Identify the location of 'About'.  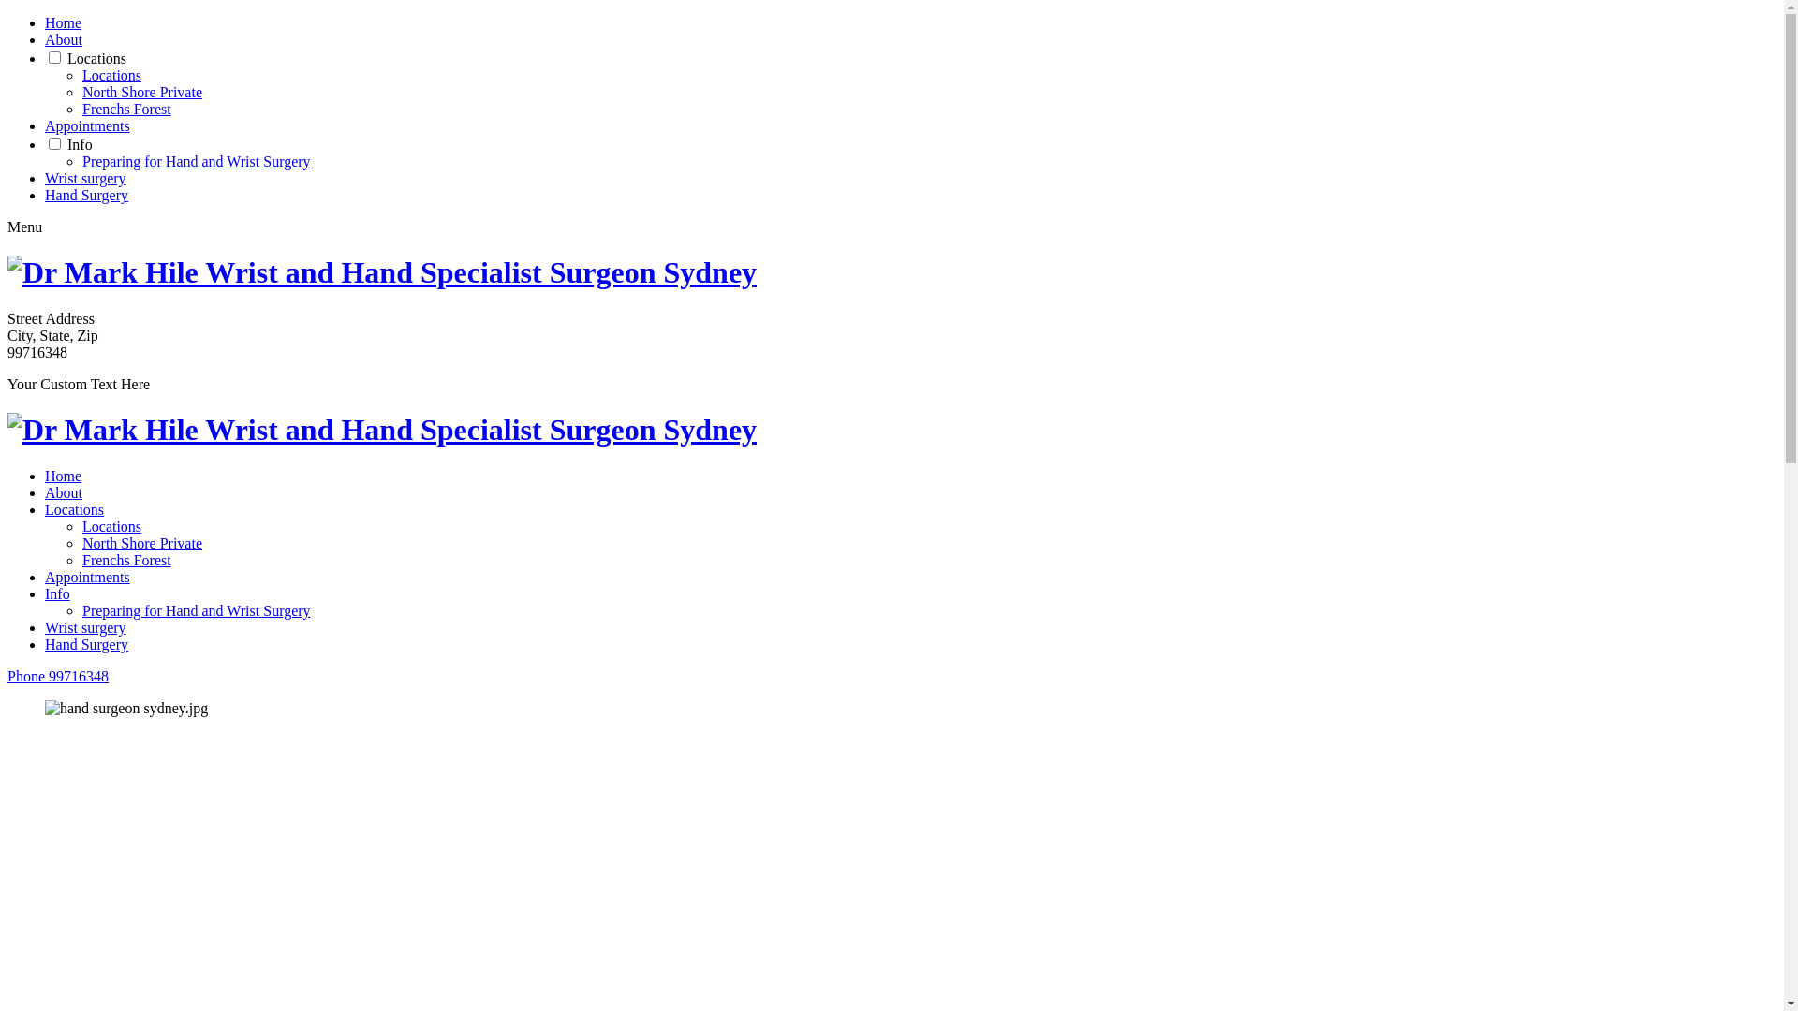
(45, 39).